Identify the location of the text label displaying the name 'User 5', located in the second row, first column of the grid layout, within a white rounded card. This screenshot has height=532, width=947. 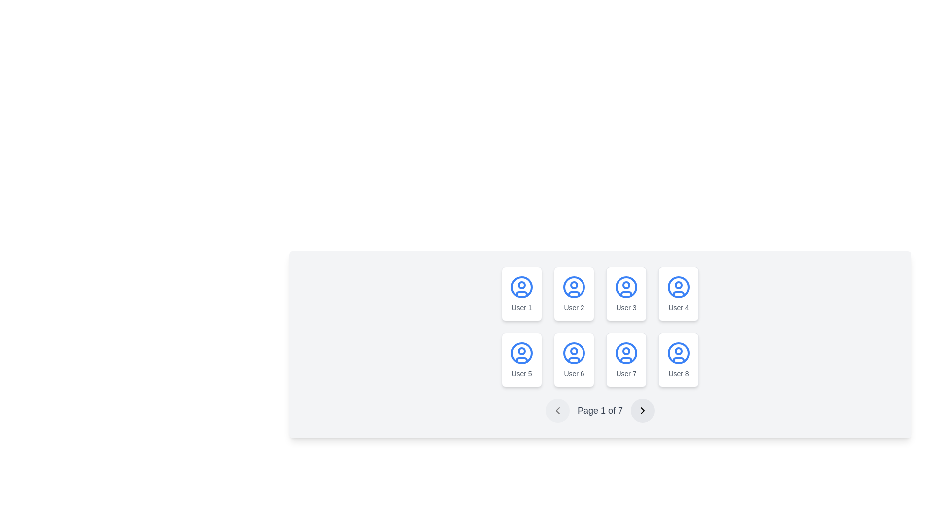
(521, 374).